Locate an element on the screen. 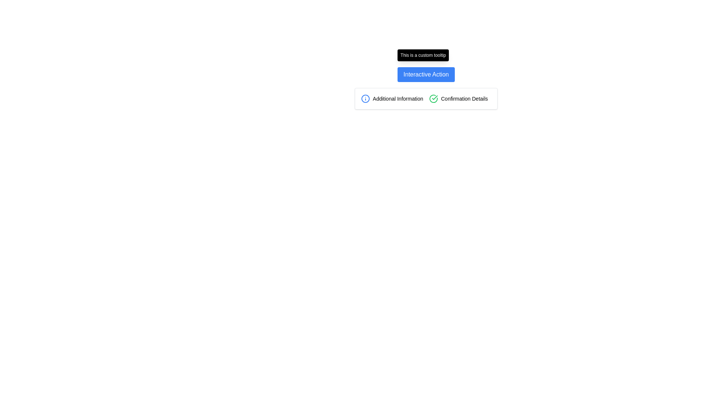 The width and height of the screenshot is (714, 401). the informational label that consists of an icon resembling a blue circled lowercase 'i' and the text 'Additional Information', positioned in the first column of a two-column grid layout is located at coordinates (392, 98).